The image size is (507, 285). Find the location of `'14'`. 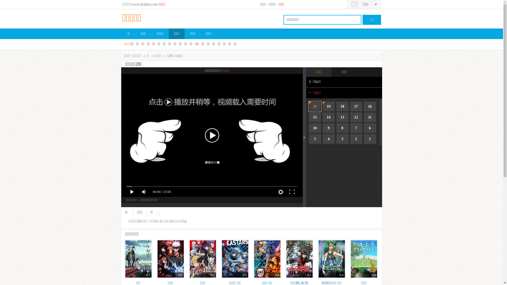

'14' is located at coordinates (328, 117).